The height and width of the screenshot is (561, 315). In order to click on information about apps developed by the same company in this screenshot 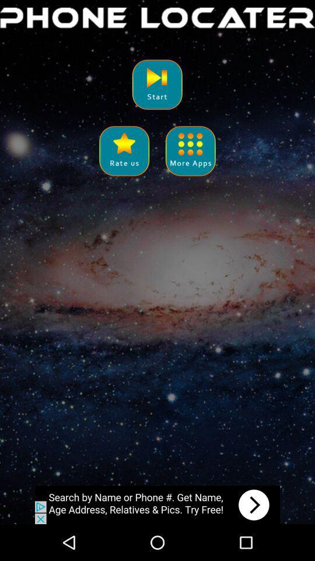, I will do `click(190, 150)`.